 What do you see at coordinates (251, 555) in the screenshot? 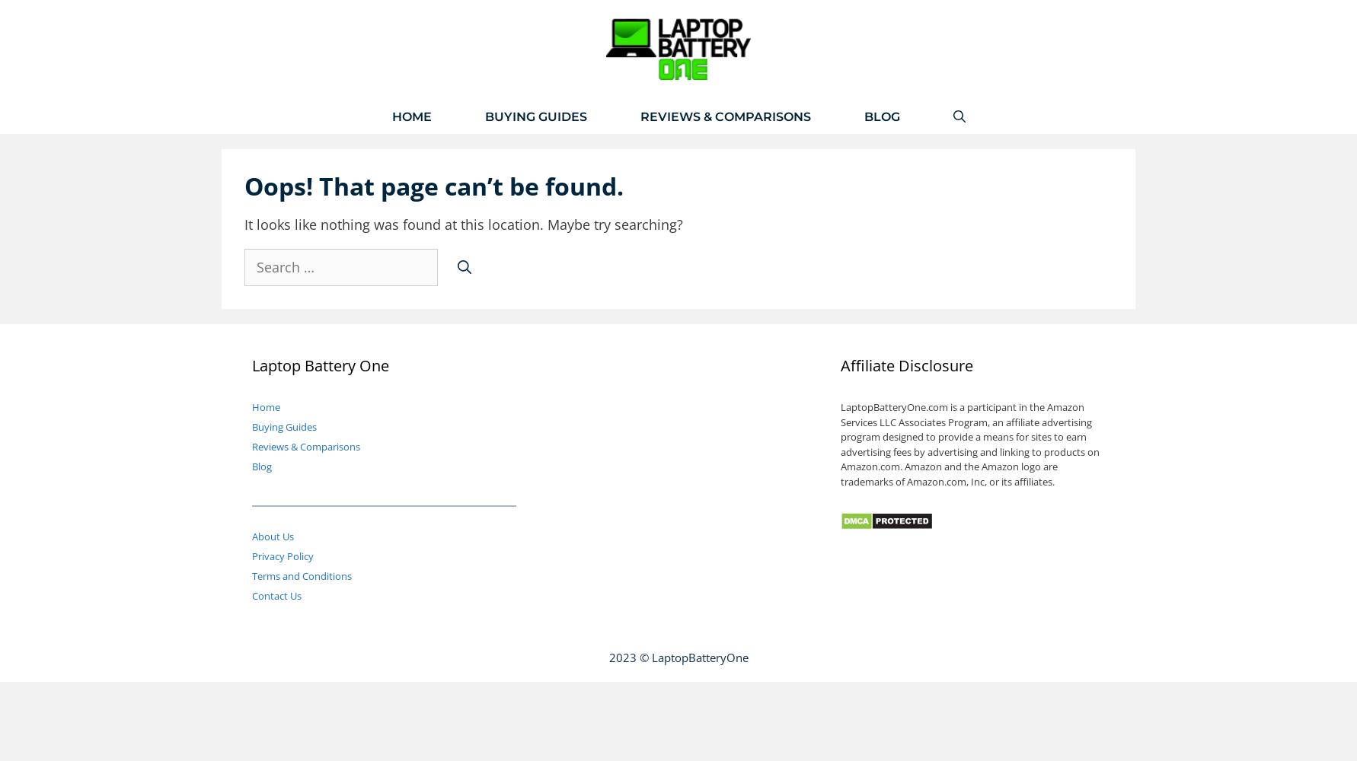
I see `'Privacy Policy'` at bounding box center [251, 555].